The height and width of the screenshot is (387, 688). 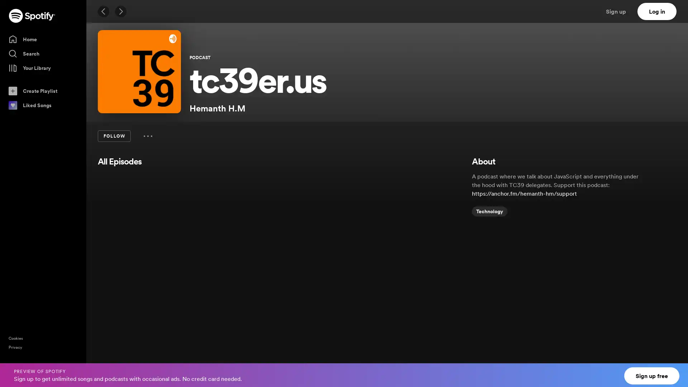 What do you see at coordinates (152, 265) in the screenshot?
I see `Play Jack Works by tc39er.us` at bounding box center [152, 265].